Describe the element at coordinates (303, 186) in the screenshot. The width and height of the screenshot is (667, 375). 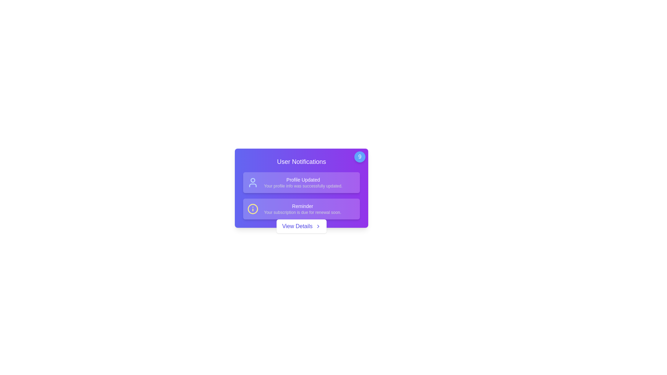
I see `the text label that informs the user about the successful update of their profile information, located near the bottom of the notification area, slightly to the right of the 'Profile Updated' element` at that location.